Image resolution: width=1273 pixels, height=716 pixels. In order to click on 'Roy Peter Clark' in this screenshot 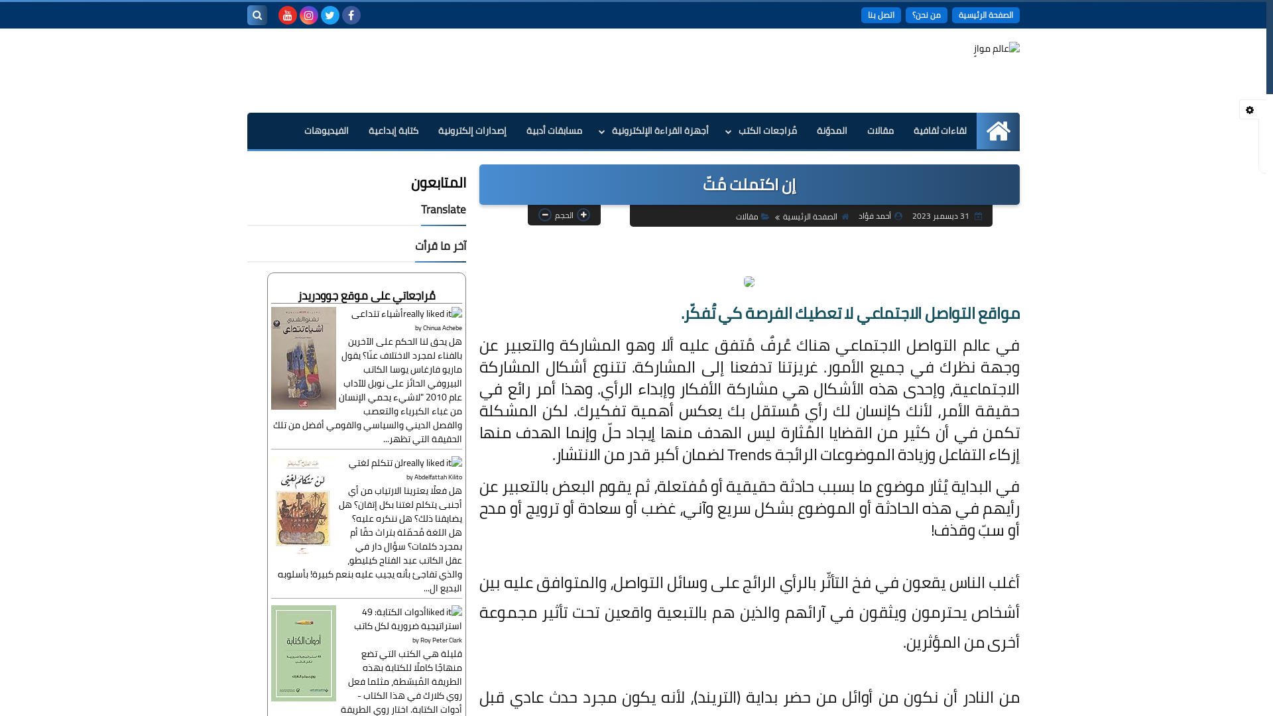, I will do `click(441, 639)`.